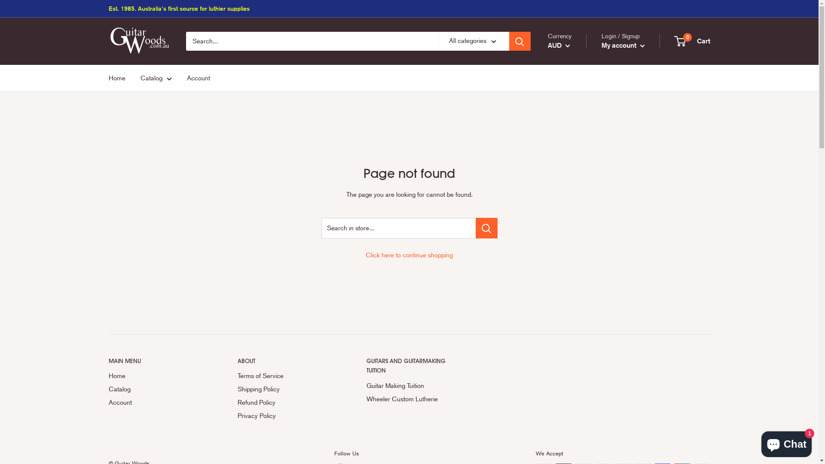 Image resolution: width=825 pixels, height=464 pixels. I want to click on 'Shipping Policy', so click(287, 389).